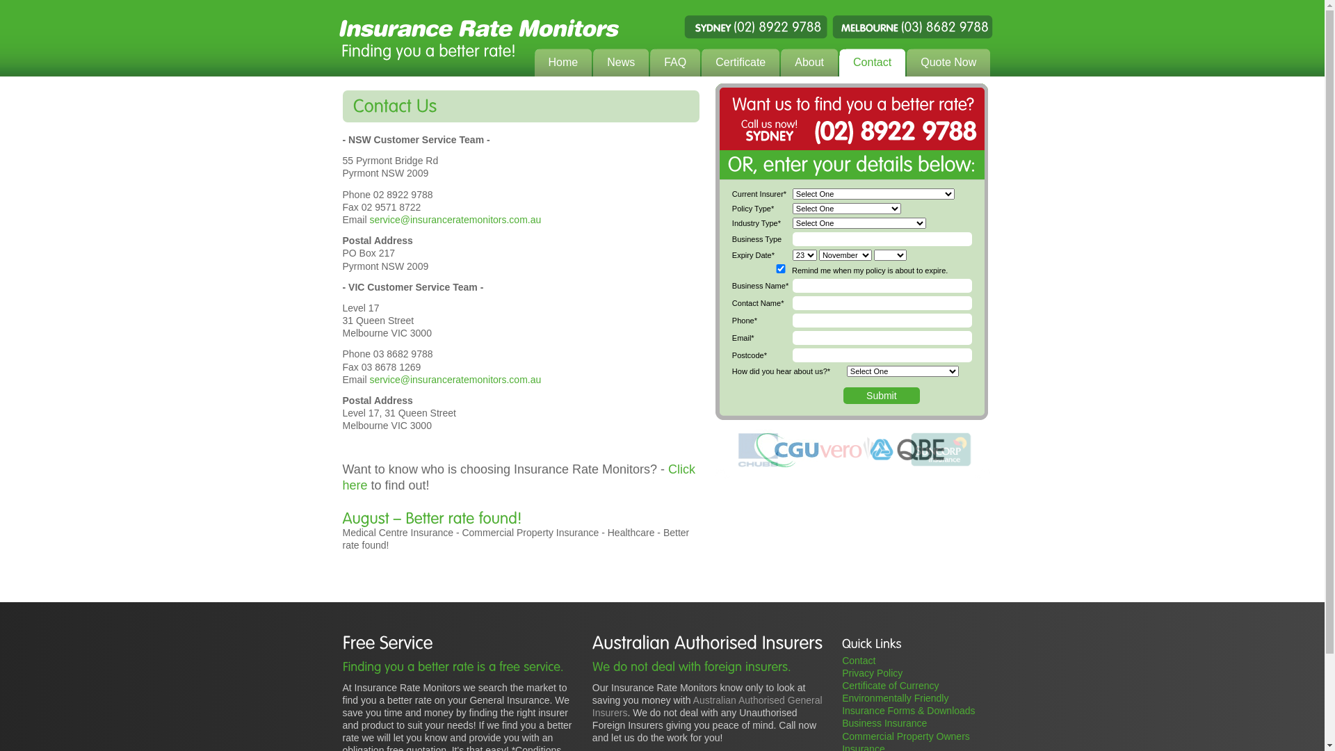  I want to click on 'Contact', so click(871, 63).